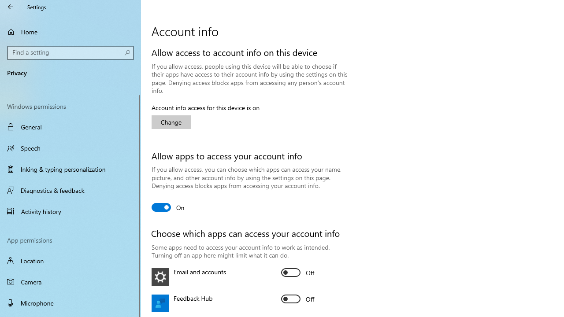 The height and width of the screenshot is (317, 564). What do you see at coordinates (70, 260) in the screenshot?
I see `'Location'` at bounding box center [70, 260].